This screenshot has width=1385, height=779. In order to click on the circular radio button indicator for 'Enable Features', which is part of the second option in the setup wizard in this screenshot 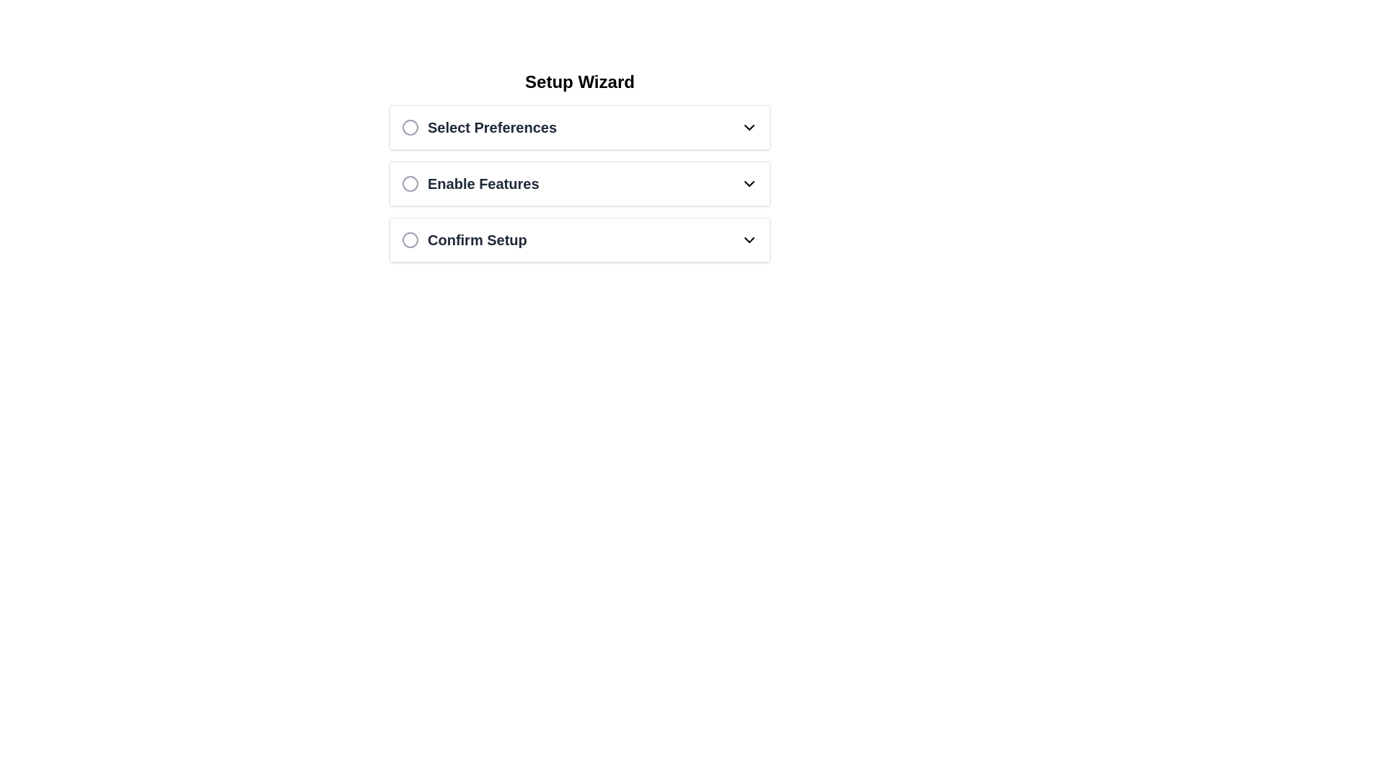, I will do `click(410, 182)`.